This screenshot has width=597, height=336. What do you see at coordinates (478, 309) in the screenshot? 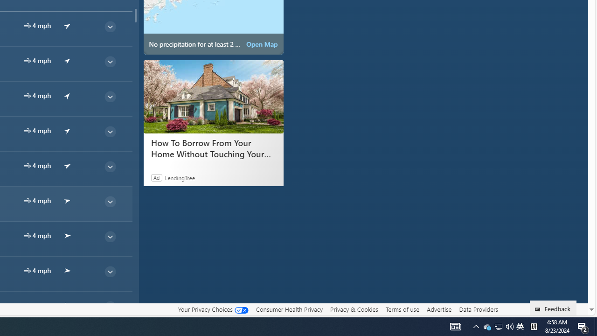
I see `'Data Providers'` at bounding box center [478, 309].